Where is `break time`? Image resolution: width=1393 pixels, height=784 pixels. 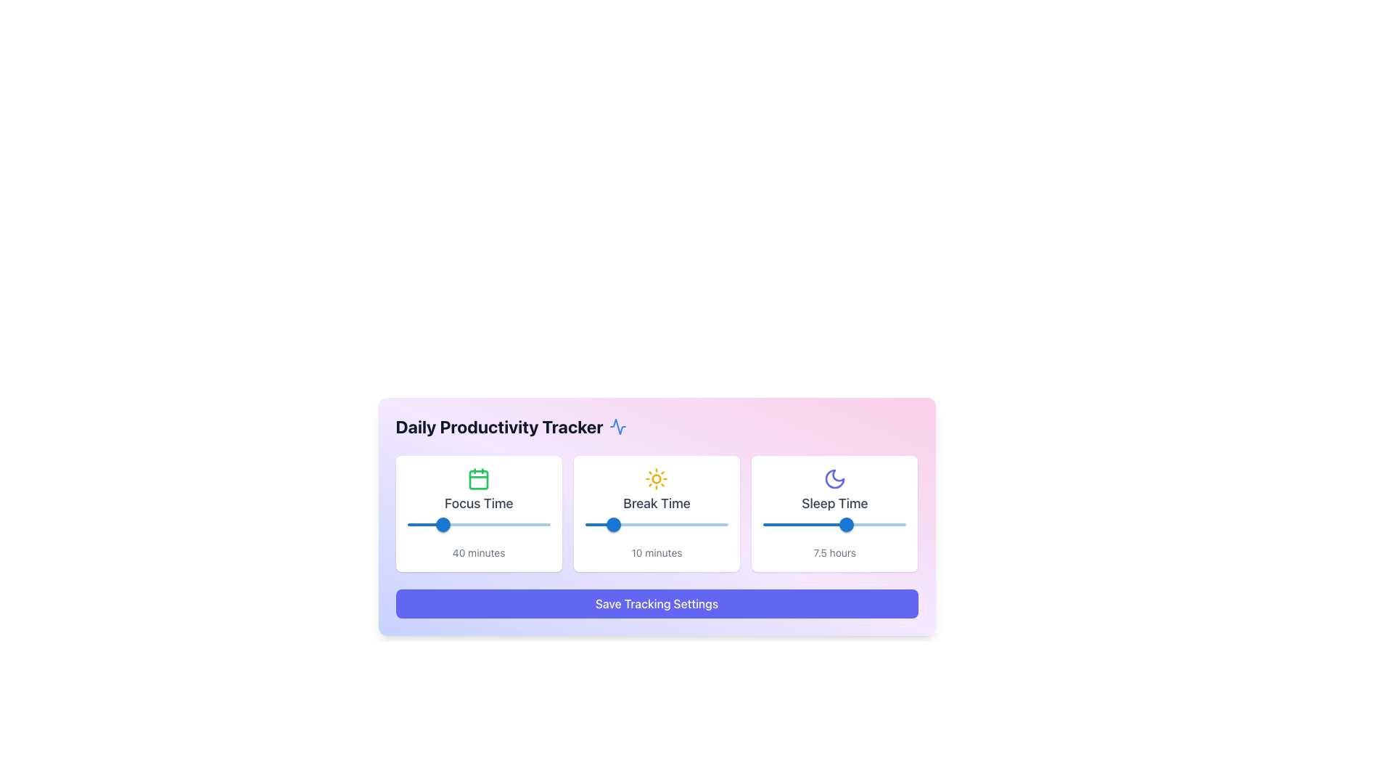 break time is located at coordinates (687, 524).